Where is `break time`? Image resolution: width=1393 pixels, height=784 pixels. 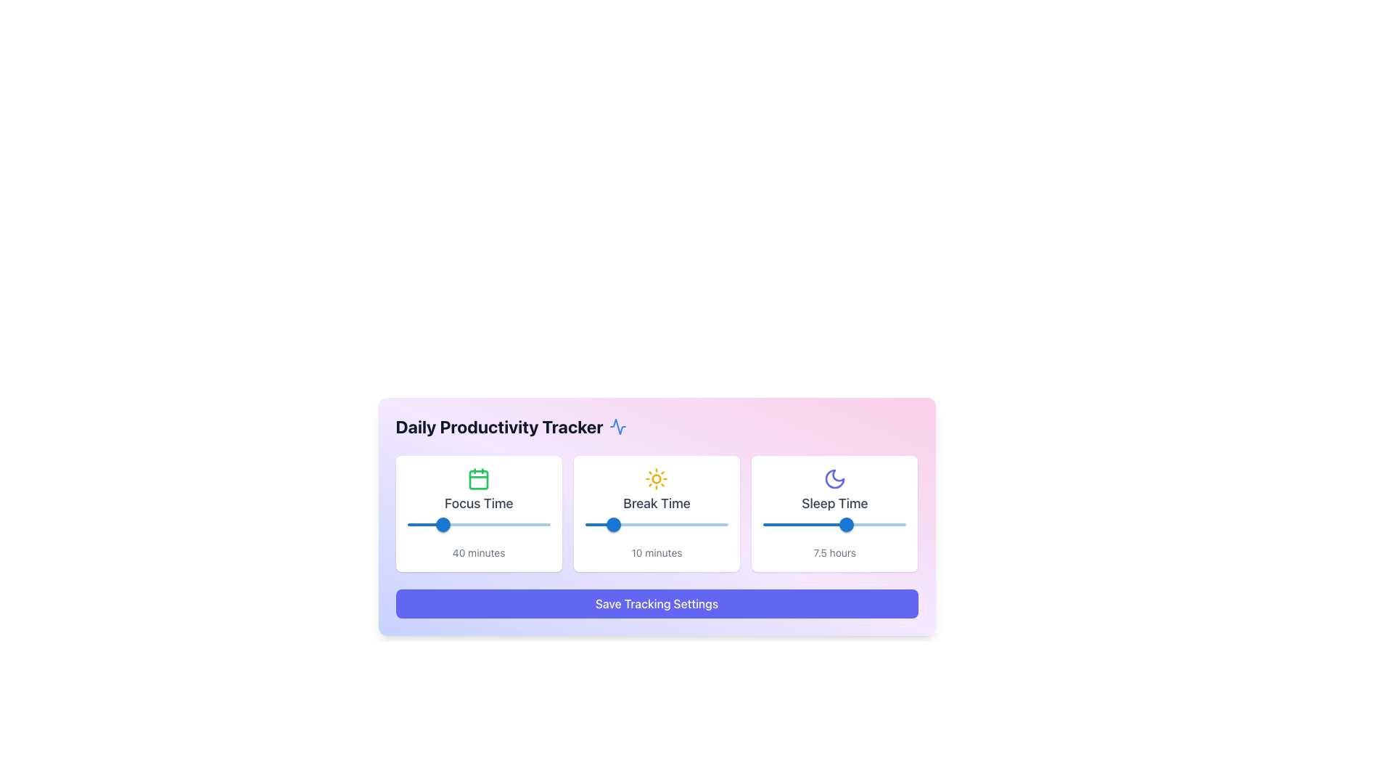 break time is located at coordinates (687, 524).